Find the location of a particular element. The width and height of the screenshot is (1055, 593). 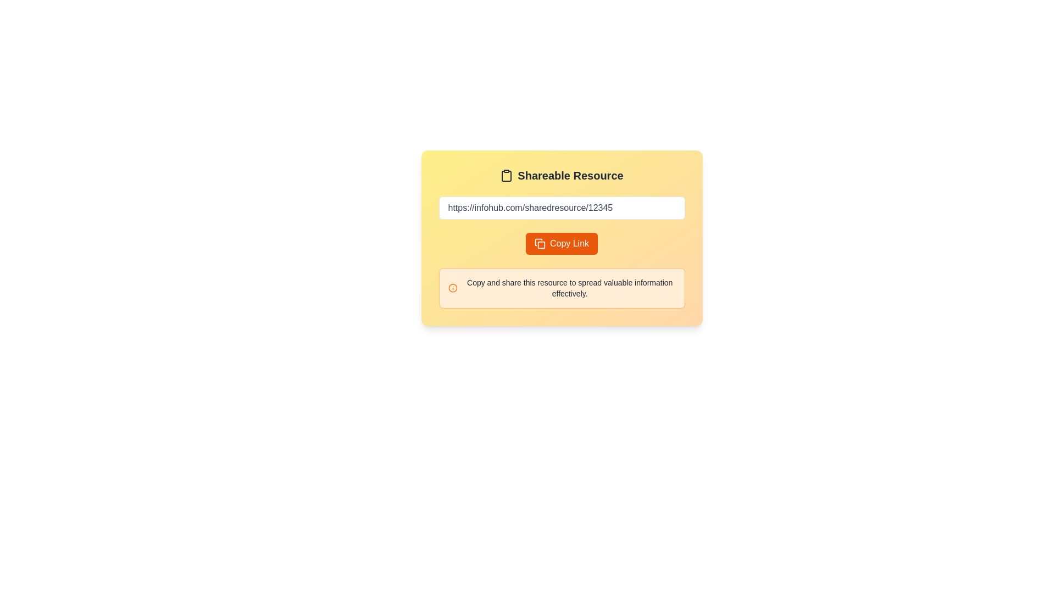

the solid orange rectangular button labeled 'Copy Link' is located at coordinates (562, 238).